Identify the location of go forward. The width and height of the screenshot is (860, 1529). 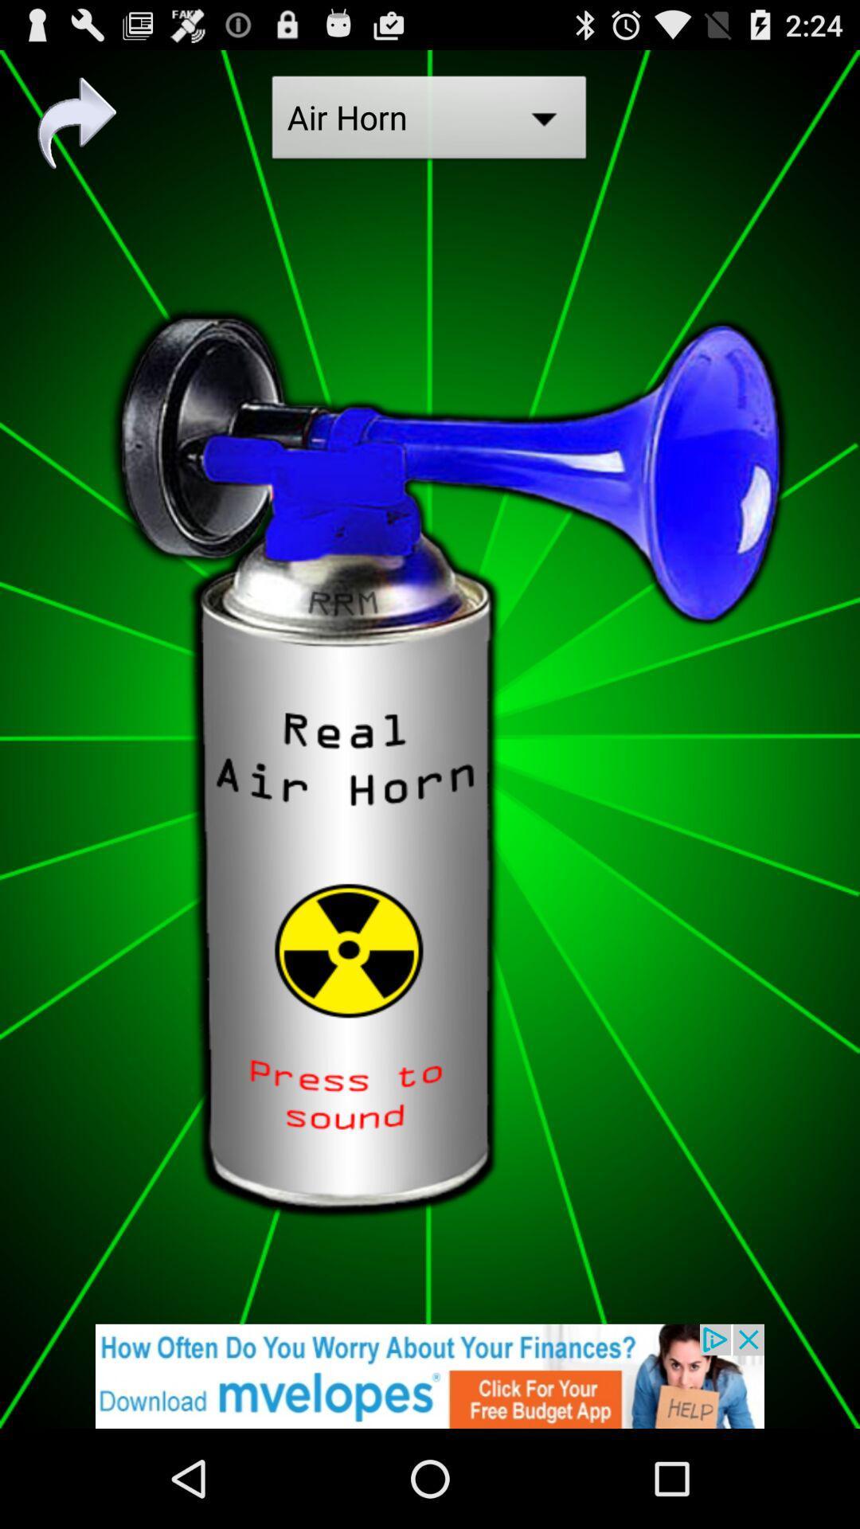
(77, 122).